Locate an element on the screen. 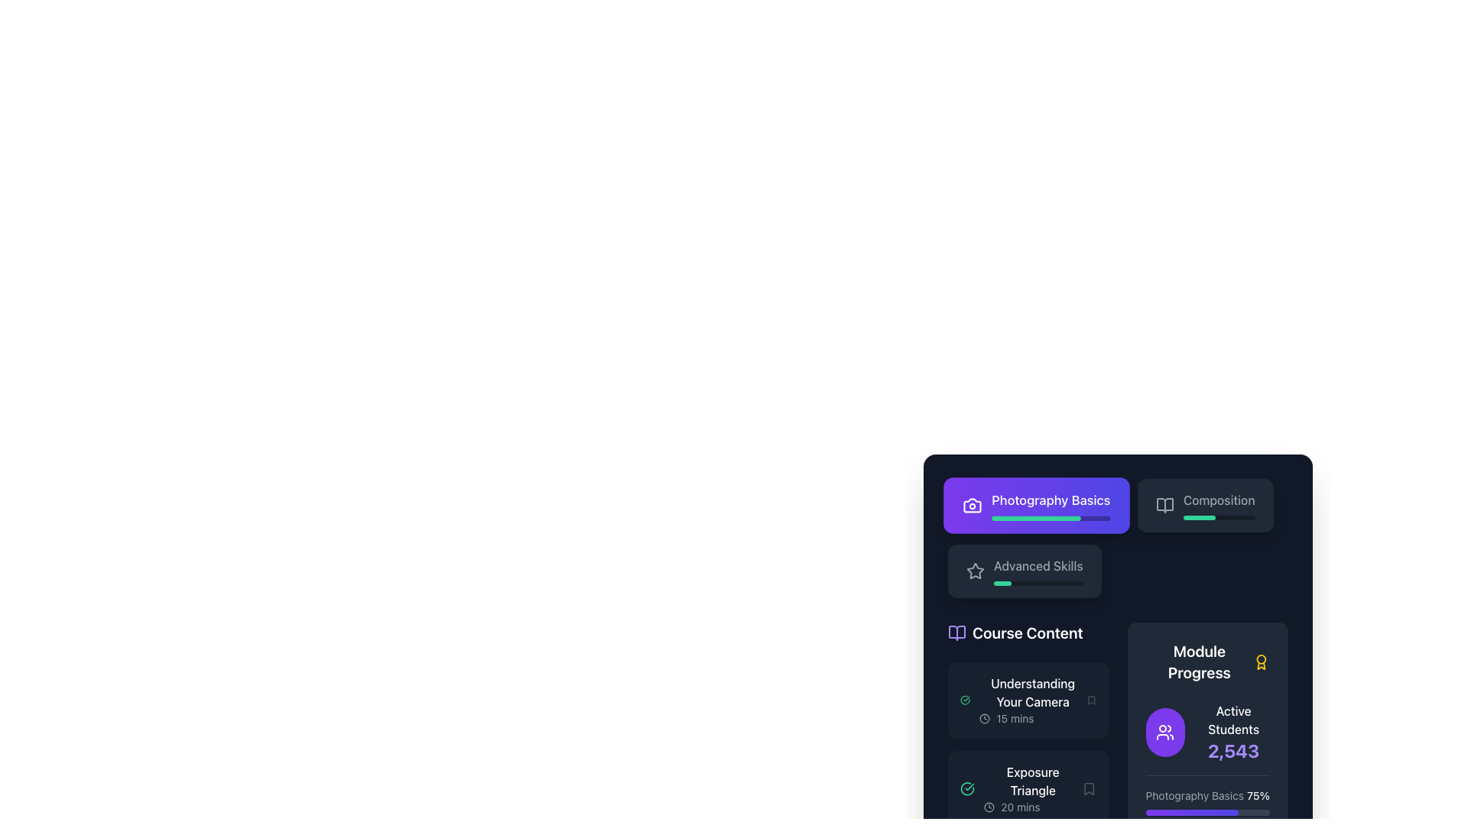 This screenshot has height=825, width=1468. the circular part of the medal icon with a yellow border located in the 'Module Progress' section of the interface is located at coordinates (1262, 658).